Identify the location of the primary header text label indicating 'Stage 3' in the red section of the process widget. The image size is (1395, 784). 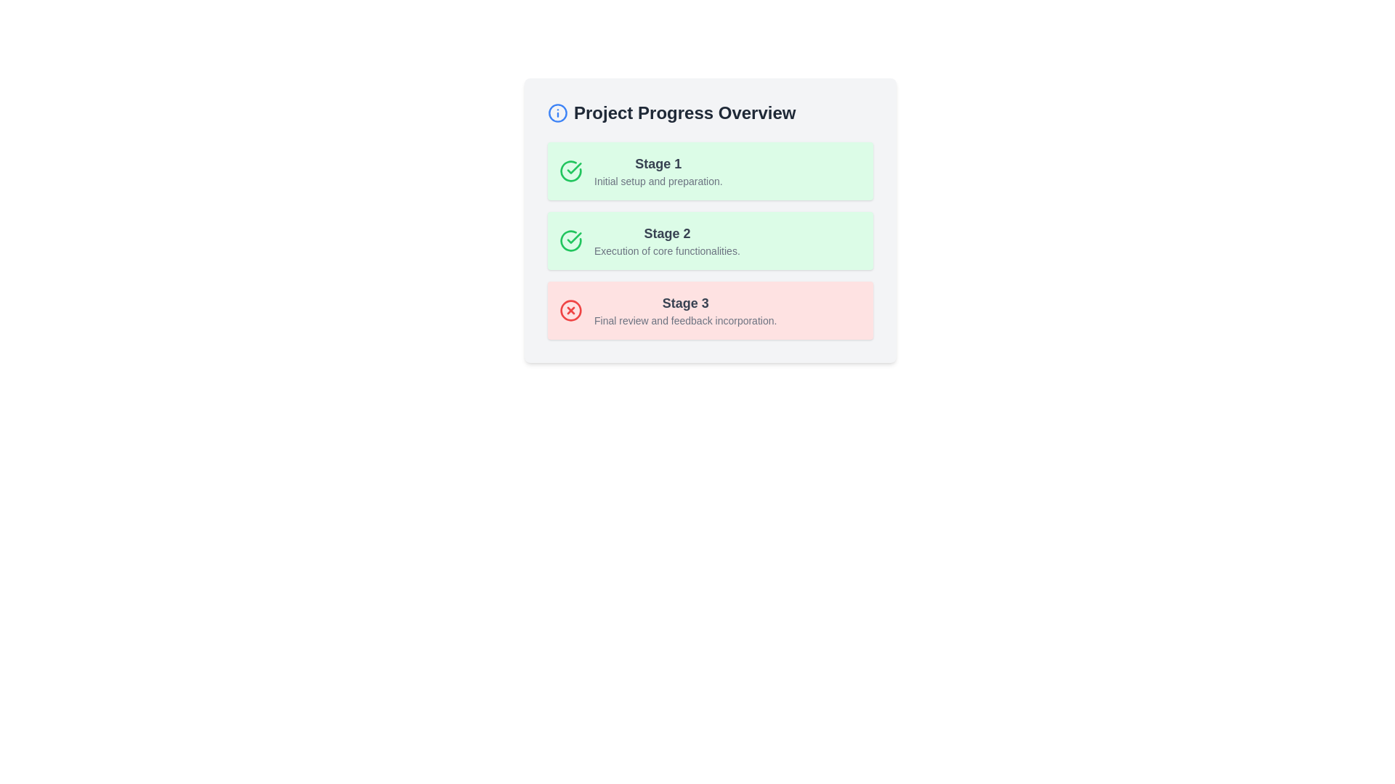
(684, 302).